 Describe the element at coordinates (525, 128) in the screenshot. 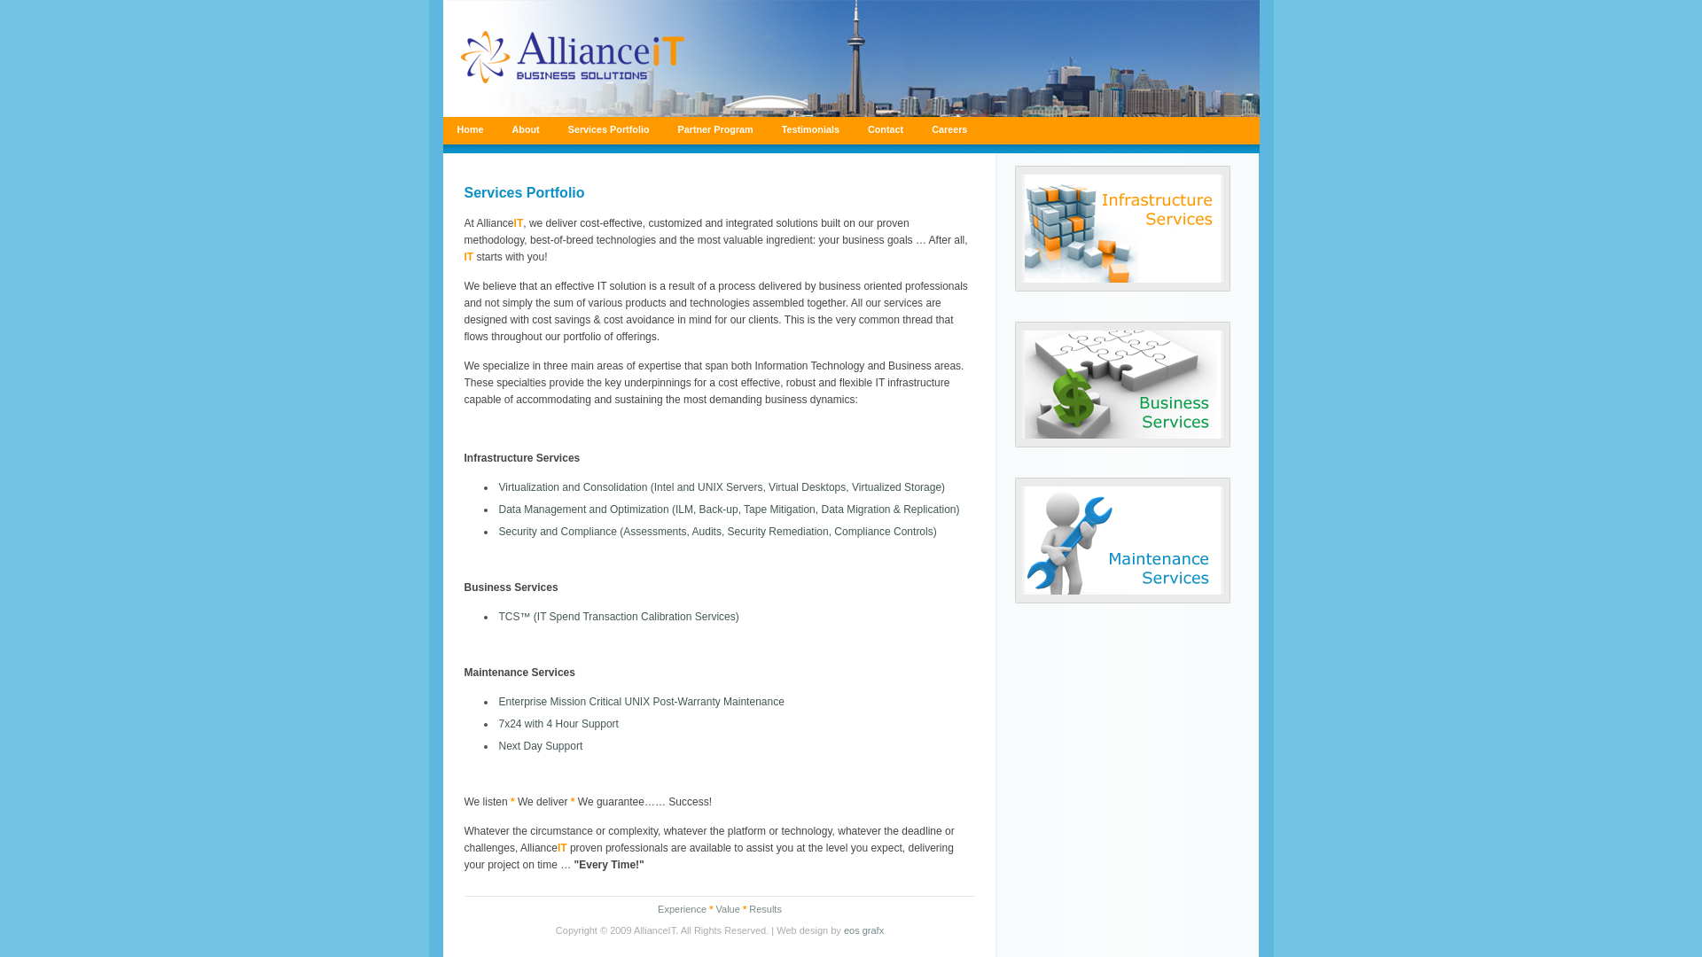

I see `'About'` at that location.